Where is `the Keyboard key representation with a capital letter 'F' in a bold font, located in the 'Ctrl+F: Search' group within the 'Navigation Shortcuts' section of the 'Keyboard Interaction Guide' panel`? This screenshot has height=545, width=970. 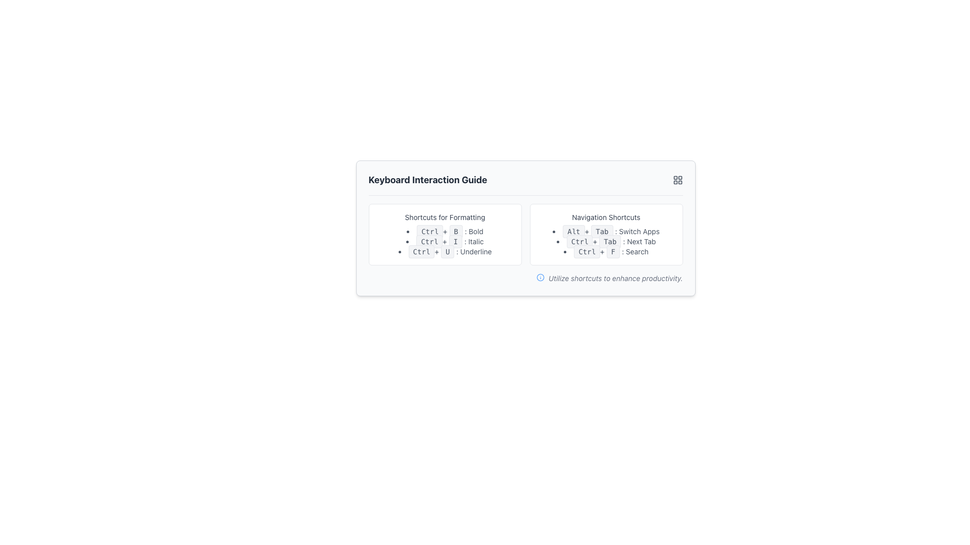
the Keyboard key representation with a capital letter 'F' in a bold font, located in the 'Ctrl+F: Search' group within the 'Navigation Shortcuts' section of the 'Keyboard Interaction Guide' panel is located at coordinates (612, 251).